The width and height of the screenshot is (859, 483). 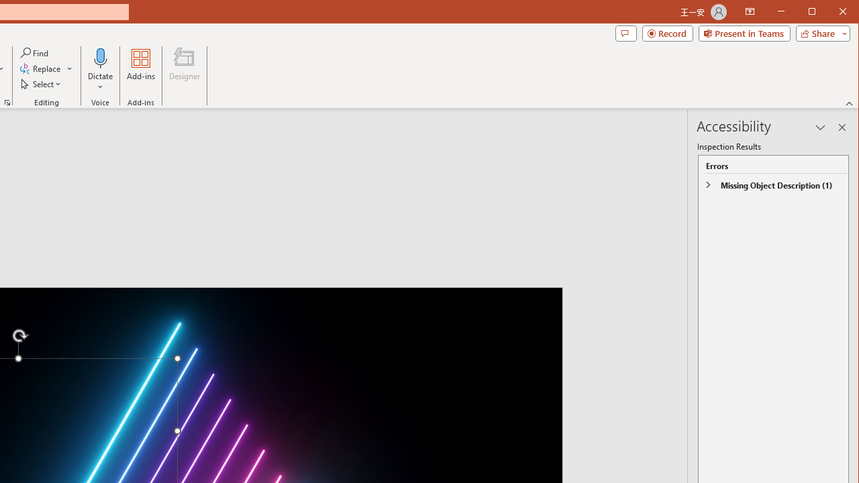 What do you see at coordinates (831, 13) in the screenshot?
I see `'Maximize'` at bounding box center [831, 13].